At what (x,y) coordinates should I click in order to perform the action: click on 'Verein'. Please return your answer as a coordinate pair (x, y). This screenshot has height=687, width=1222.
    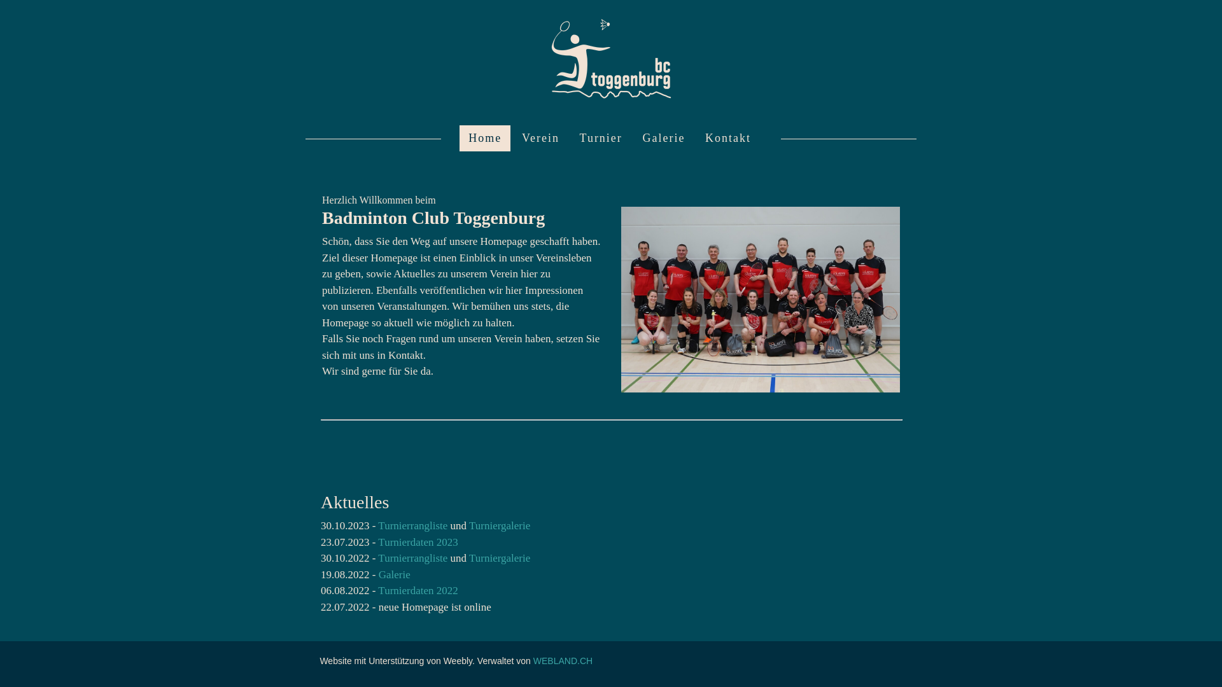
    Looking at the image, I should click on (540, 138).